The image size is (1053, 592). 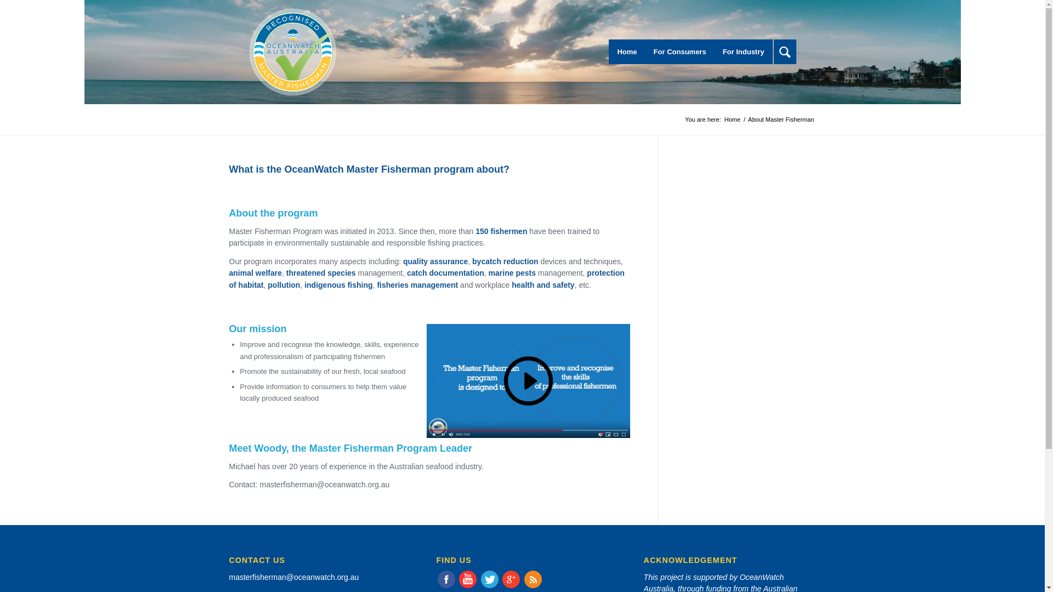 I want to click on 'Twitter', so click(x=489, y=578).